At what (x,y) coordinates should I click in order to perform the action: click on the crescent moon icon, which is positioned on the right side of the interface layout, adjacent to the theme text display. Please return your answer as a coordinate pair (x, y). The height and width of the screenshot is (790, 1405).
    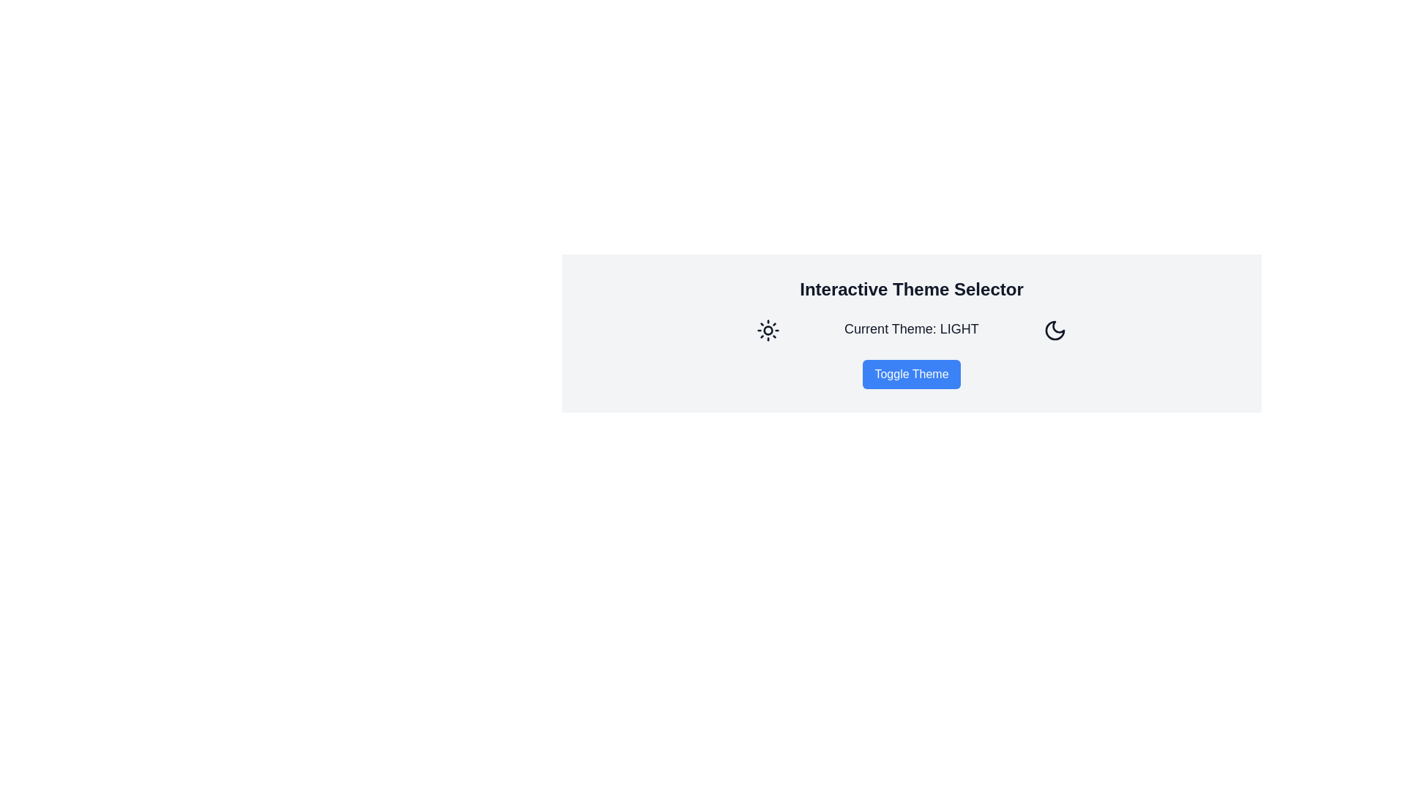
    Looking at the image, I should click on (1054, 330).